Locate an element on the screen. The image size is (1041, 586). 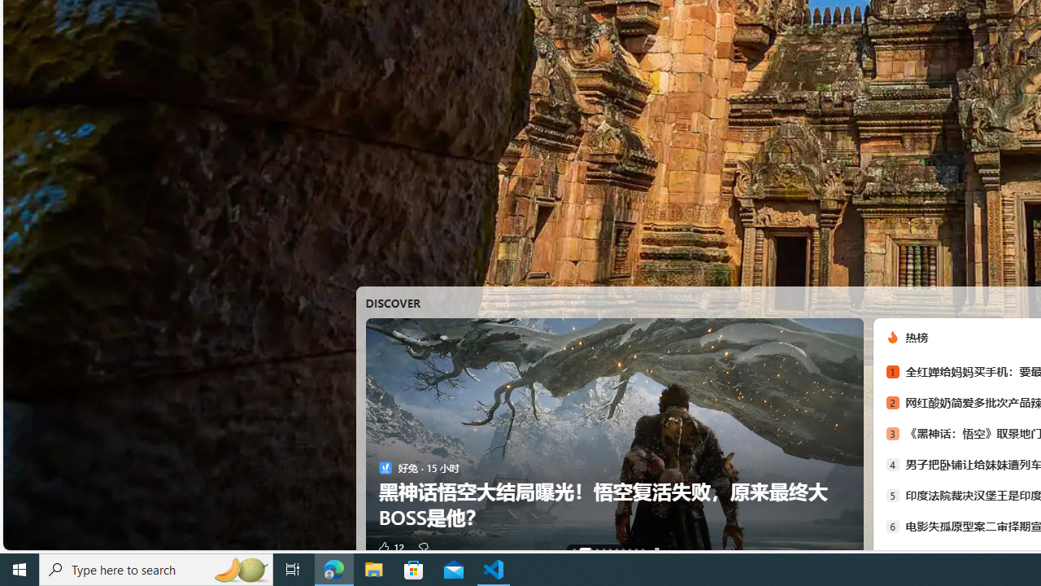
'AutomationID: tab-2' is located at coordinates (591, 549).